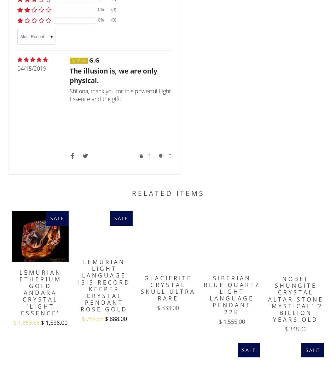 Image resolution: width=336 pixels, height=374 pixels. I want to click on 'Related Items', so click(167, 193).